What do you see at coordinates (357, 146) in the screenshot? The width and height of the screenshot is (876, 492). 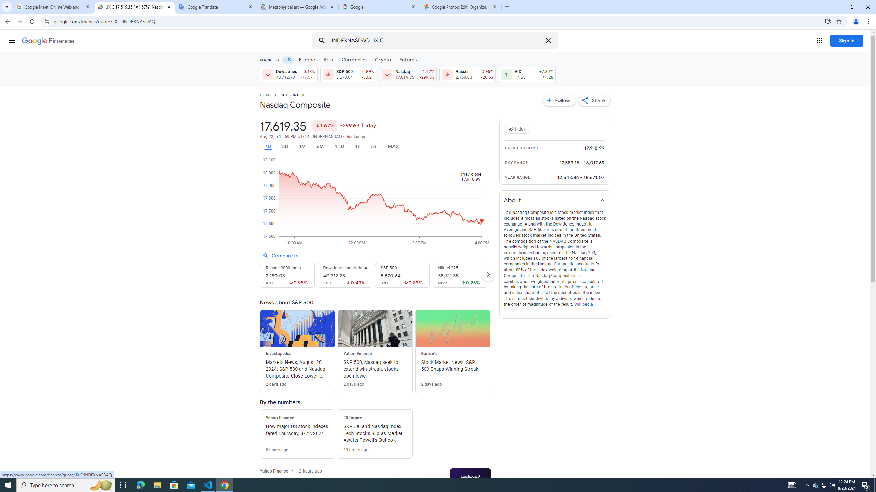 I see `'1Y'` at bounding box center [357, 146].